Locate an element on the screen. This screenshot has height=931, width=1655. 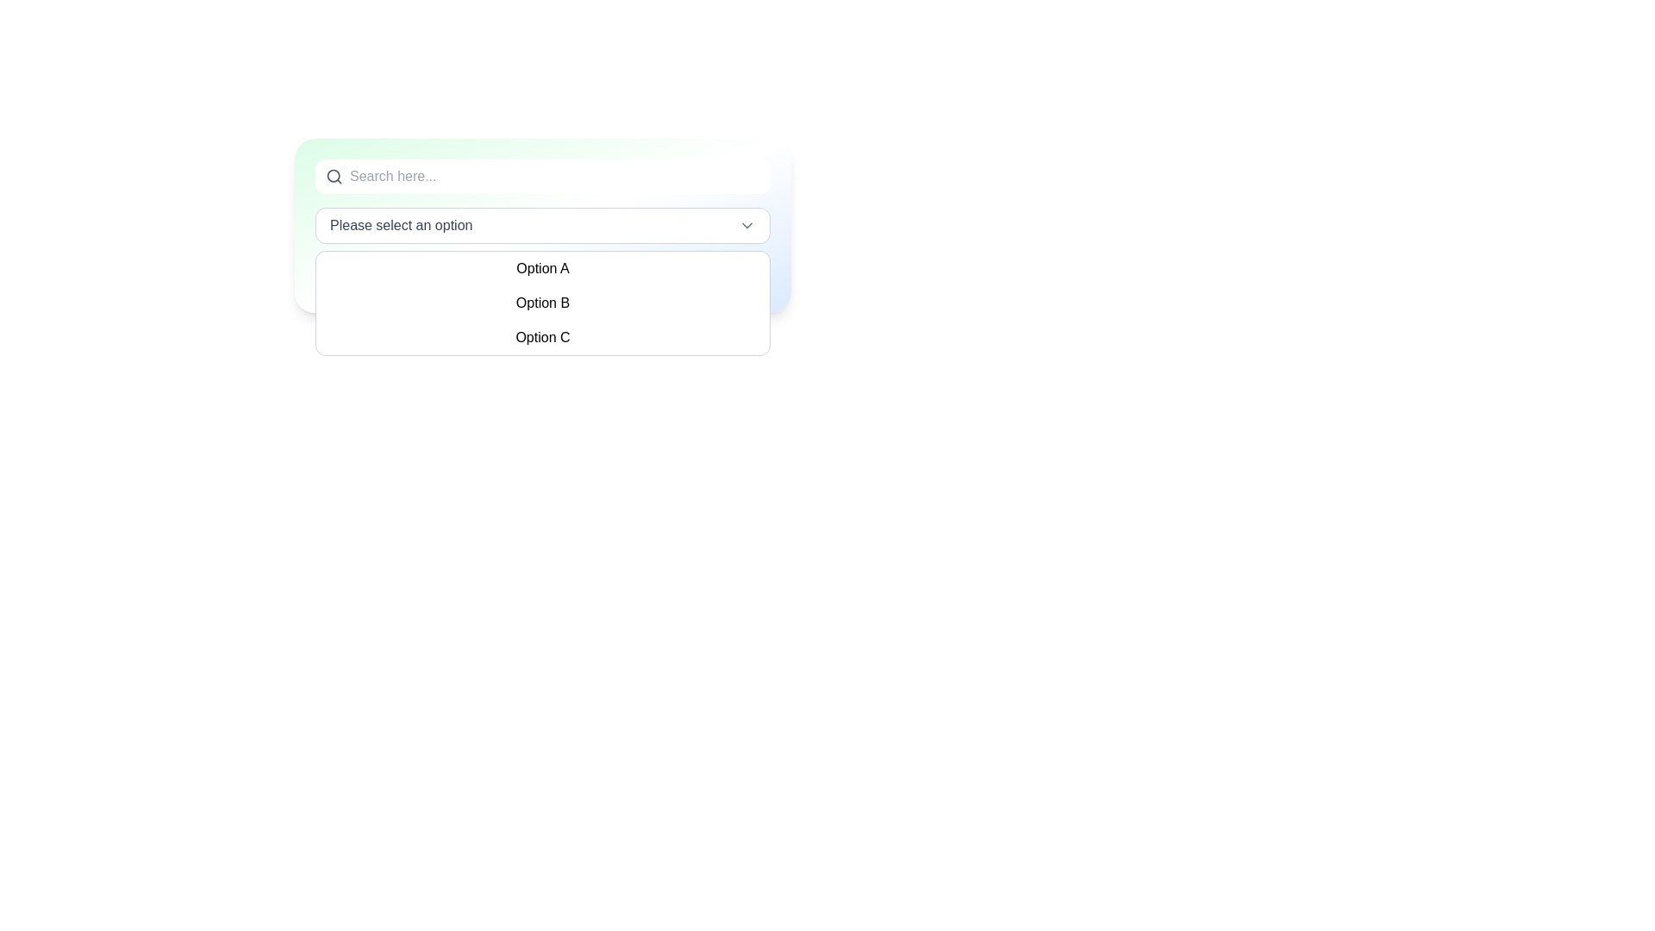
the first option in the dropdown menu located beneath 'Please select an option' is located at coordinates (541, 269).